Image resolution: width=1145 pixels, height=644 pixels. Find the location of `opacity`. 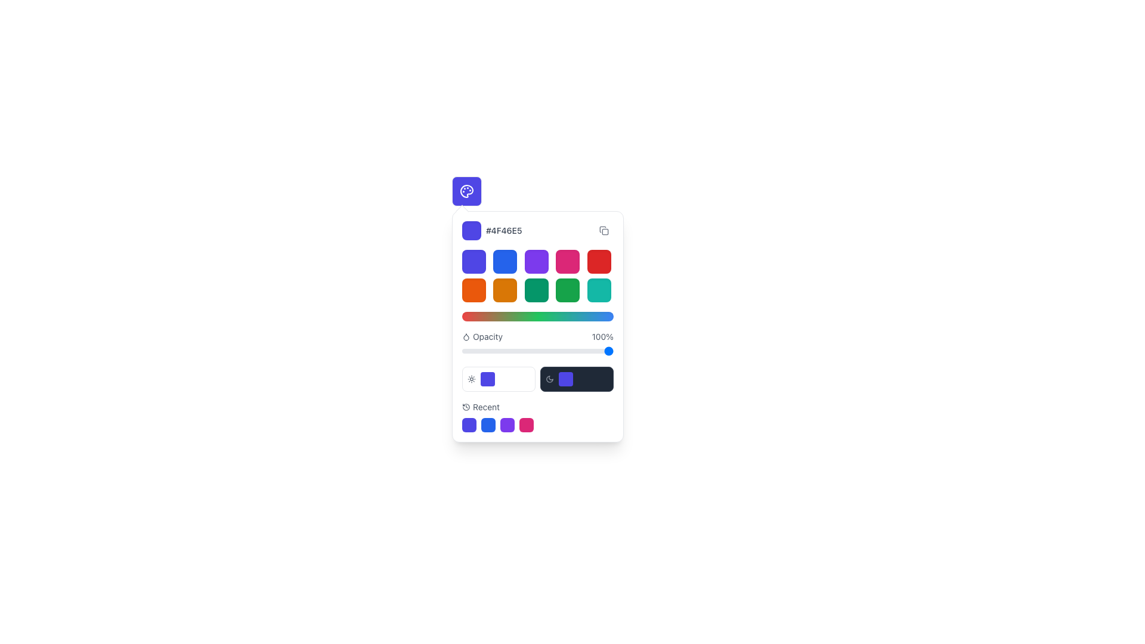

opacity is located at coordinates (510, 351).